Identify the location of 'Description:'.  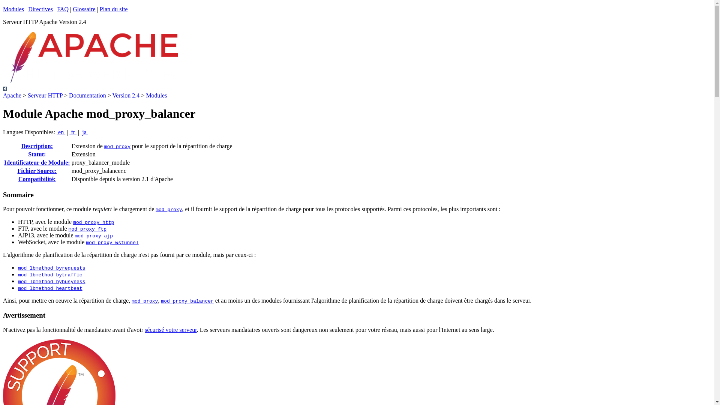
(21, 146).